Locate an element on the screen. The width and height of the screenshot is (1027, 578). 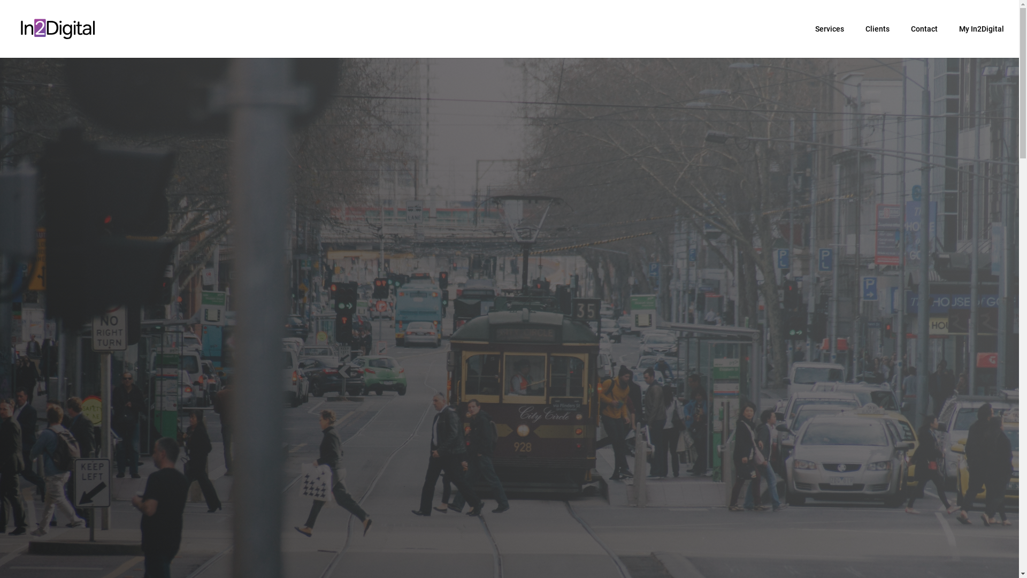
'Services' is located at coordinates (829, 28).